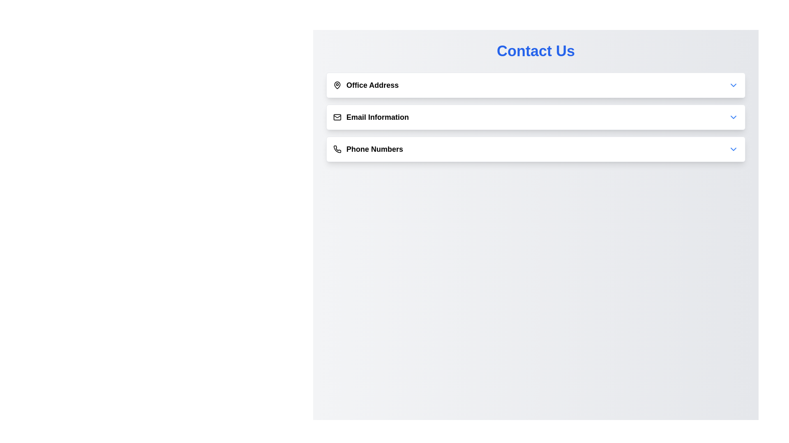 This screenshot has height=443, width=789. I want to click on the collapsible header labeled 'Phone Numbers', which features a phone icon and is part of the 'Contact Us' section, so click(368, 149).